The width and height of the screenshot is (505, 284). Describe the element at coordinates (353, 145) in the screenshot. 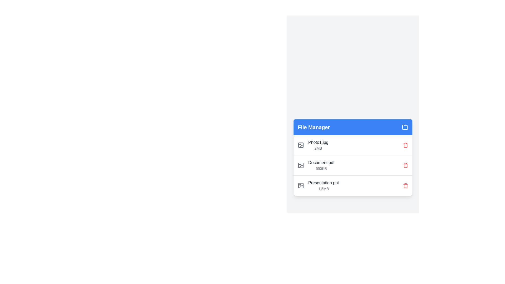

I see `the file list entry for 'Photo1.jpg'` at that location.